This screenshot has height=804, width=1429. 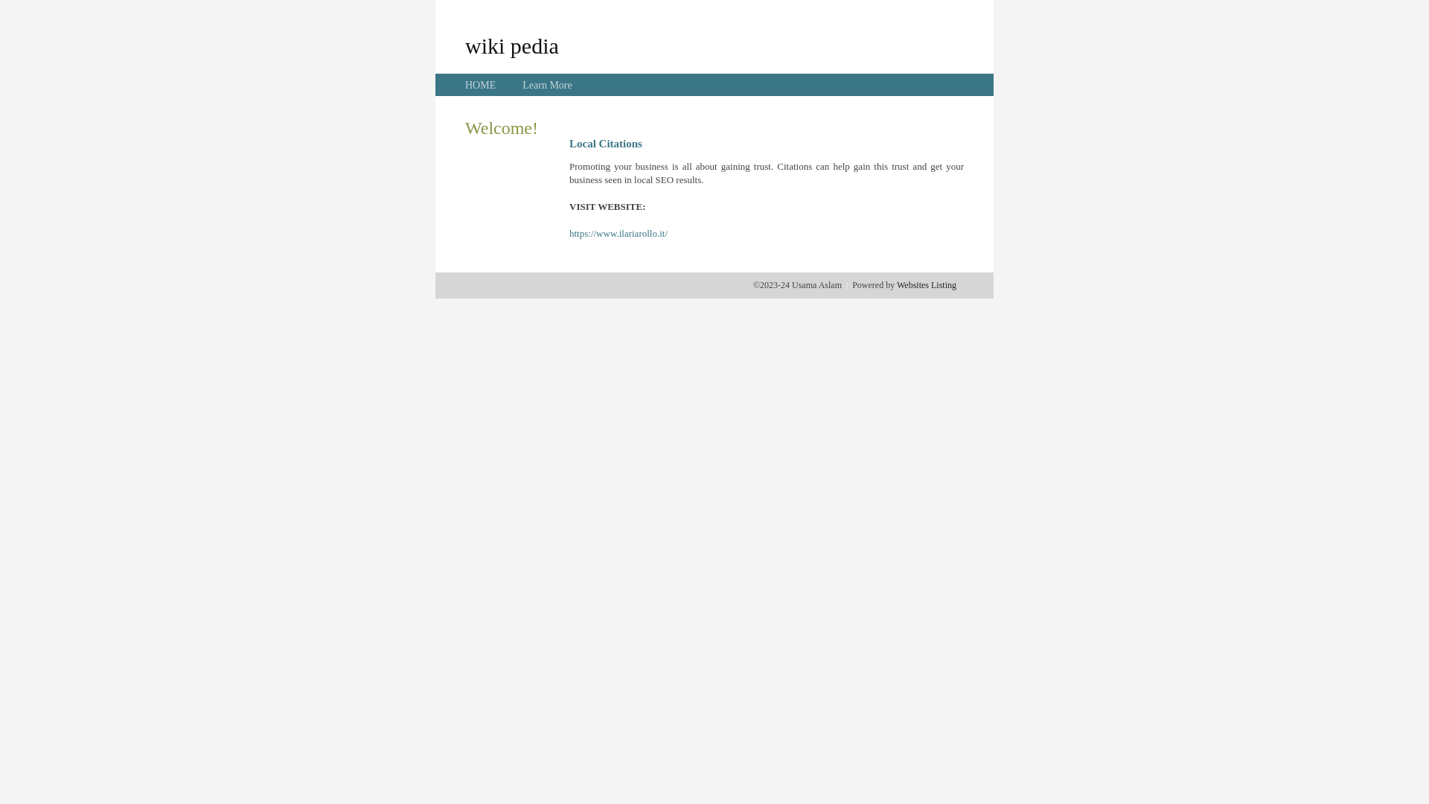 What do you see at coordinates (511, 45) in the screenshot?
I see `'wiki pedia'` at bounding box center [511, 45].